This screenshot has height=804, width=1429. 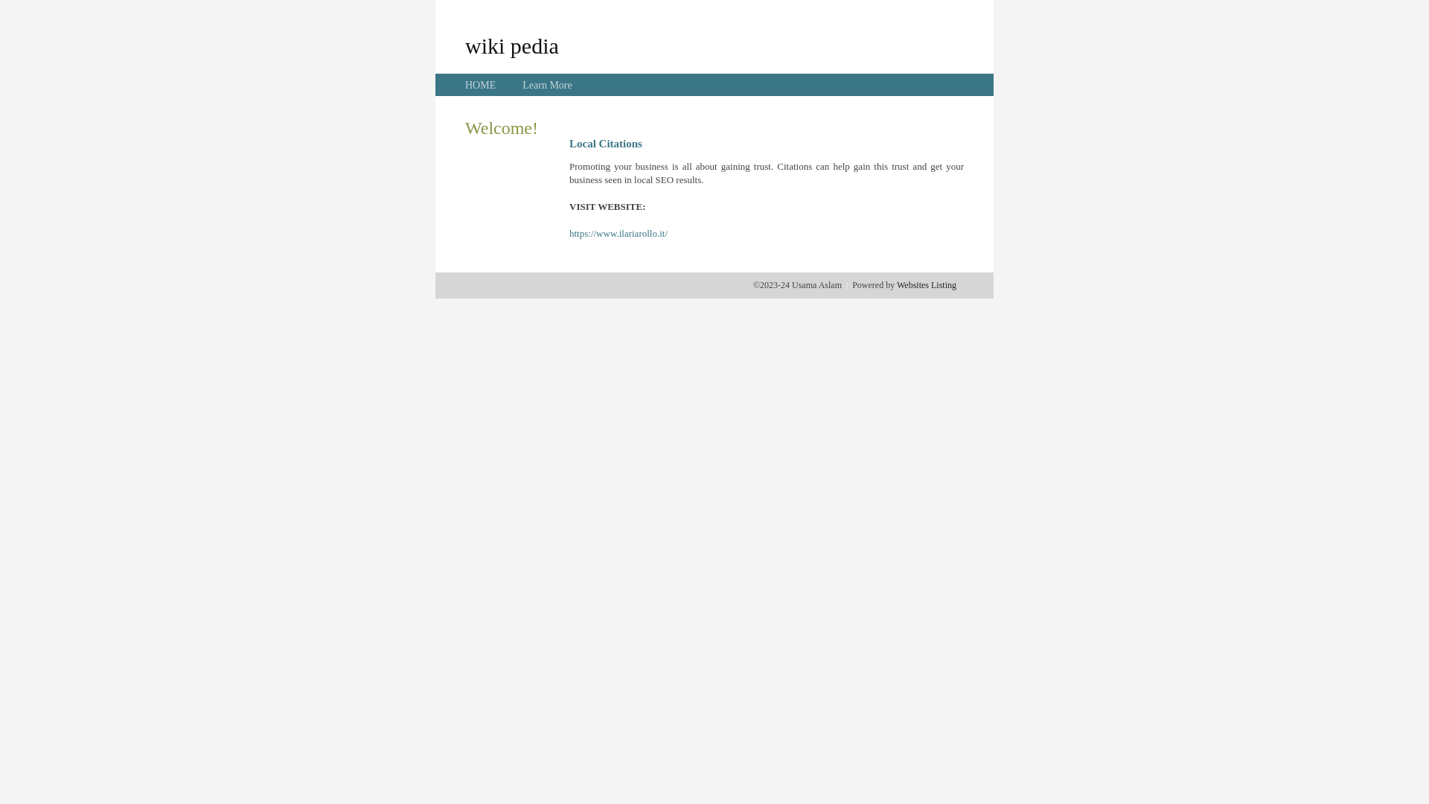 What do you see at coordinates (511, 45) in the screenshot?
I see `'wiki pedia'` at bounding box center [511, 45].